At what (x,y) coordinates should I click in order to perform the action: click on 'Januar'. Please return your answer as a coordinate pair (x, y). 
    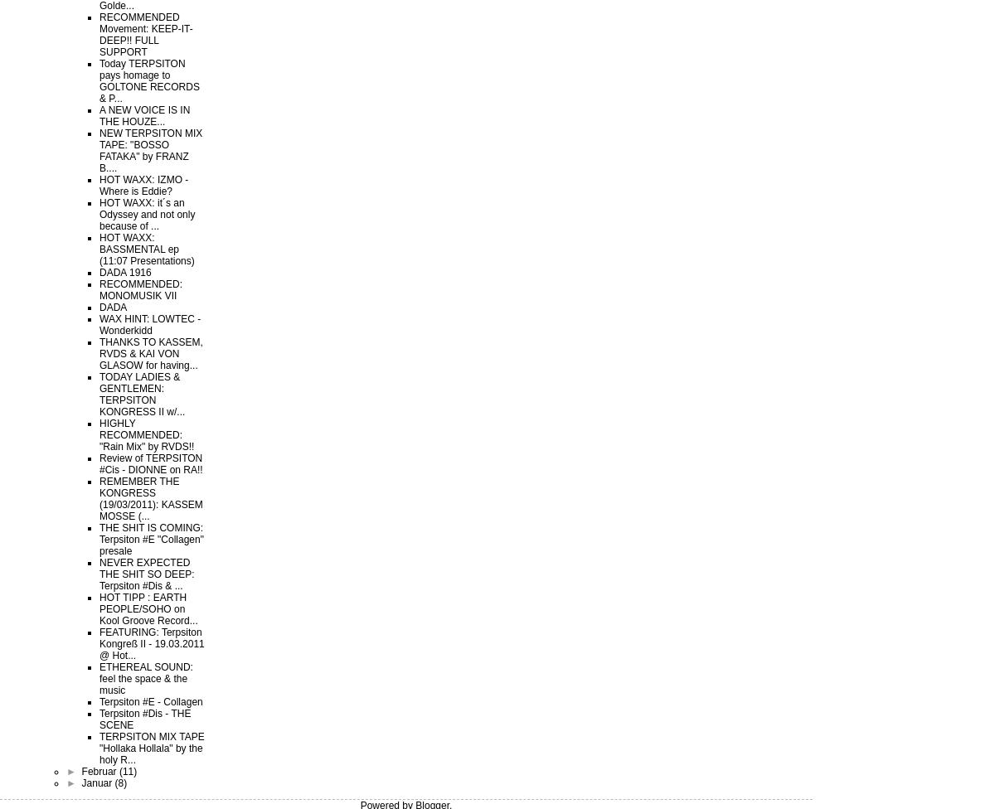
    Looking at the image, I should click on (97, 782).